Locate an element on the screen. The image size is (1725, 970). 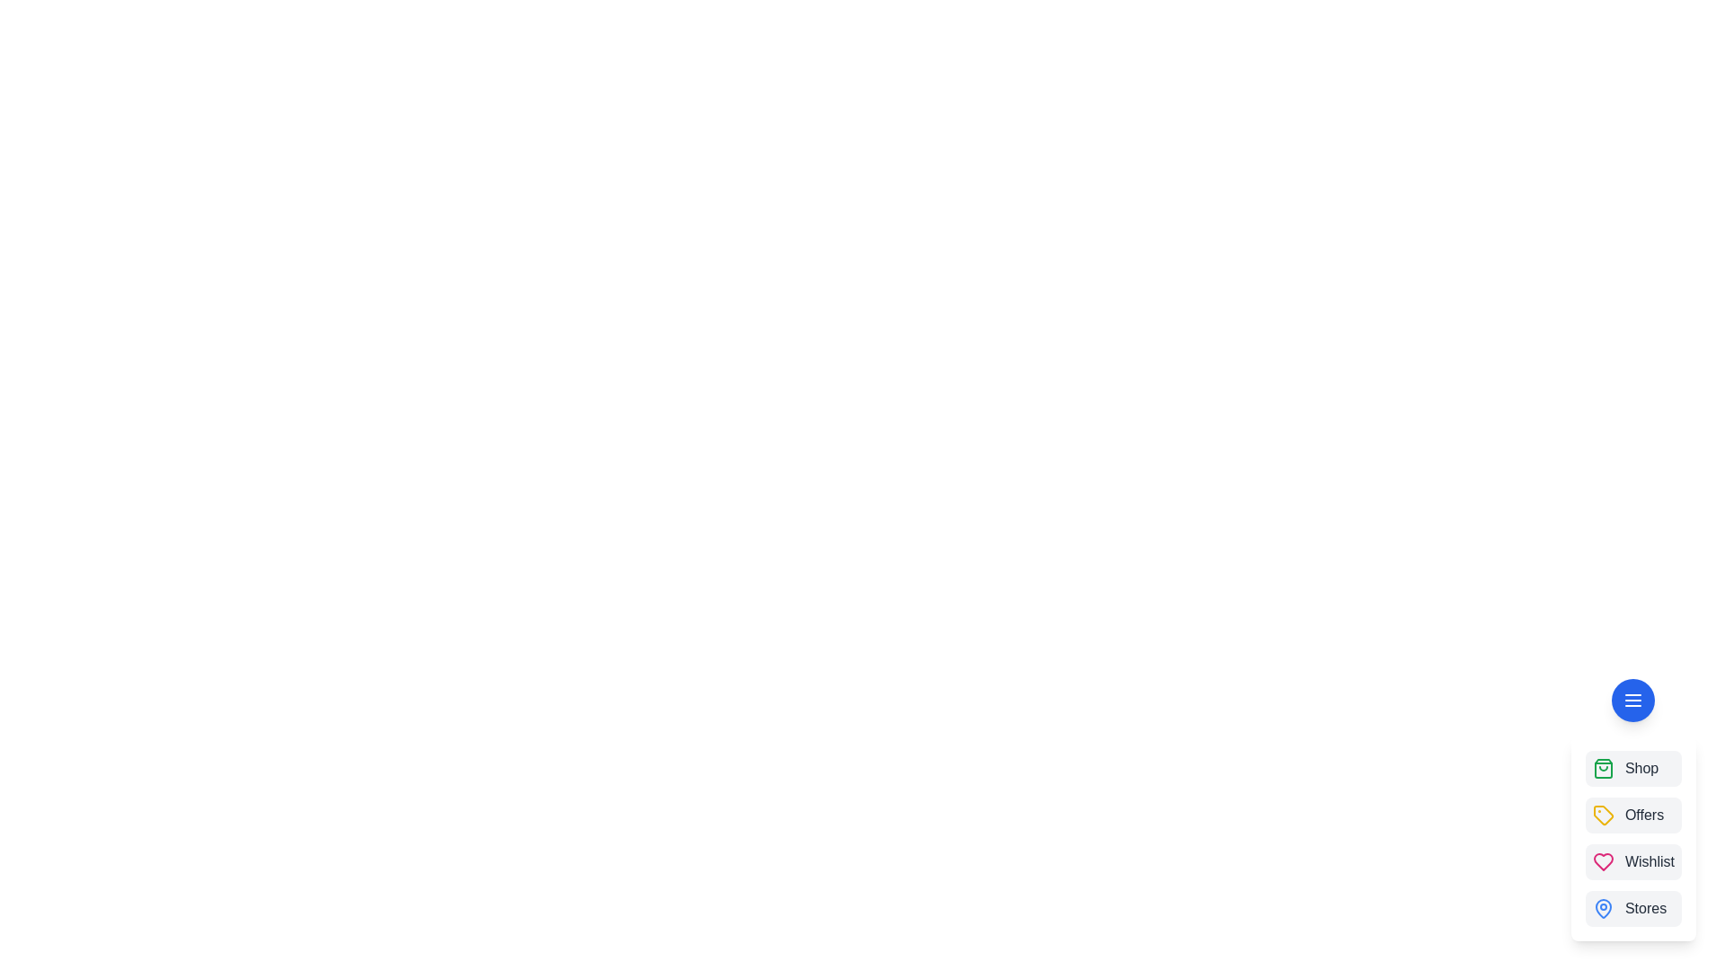
the 'Wishlist' button is located at coordinates (1633, 861).